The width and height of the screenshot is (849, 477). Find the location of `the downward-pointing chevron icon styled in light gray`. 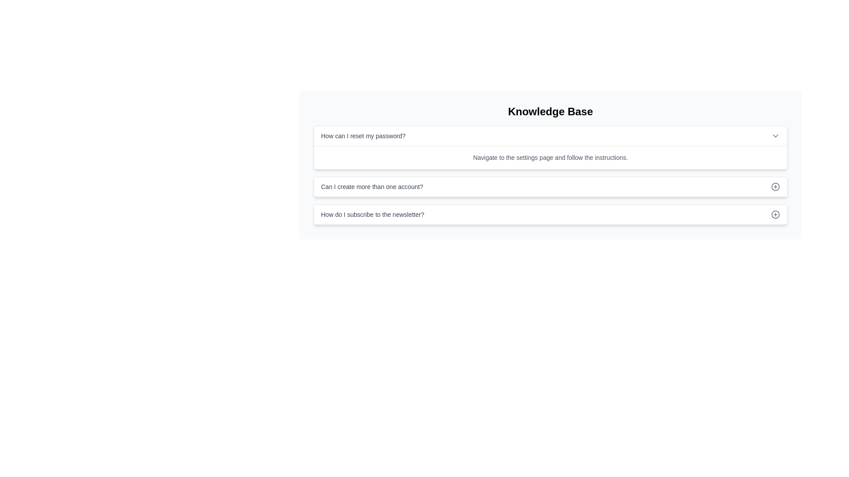

the downward-pointing chevron icon styled in light gray is located at coordinates (775, 136).